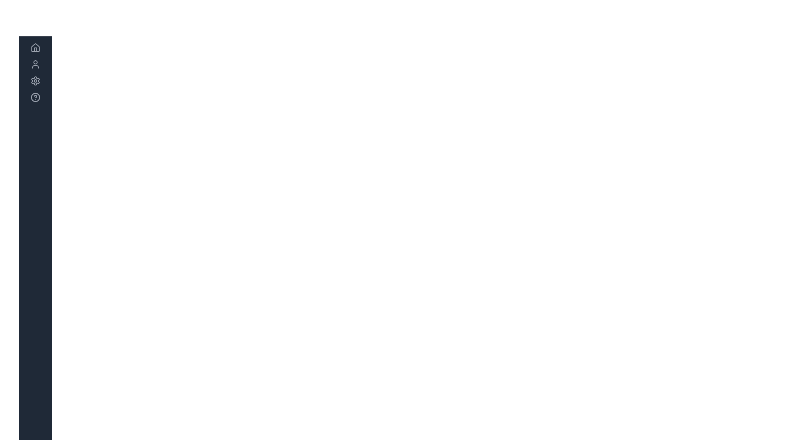  I want to click on the Interactive user profile icon in the vertical menu bar, positioned below the 'Go to homepage' icon and above the 'Manage your preferences' icon, so click(35, 64).